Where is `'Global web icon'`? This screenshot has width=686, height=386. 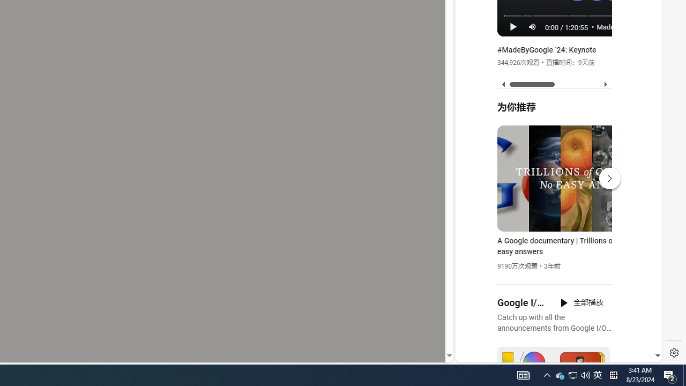 'Global web icon' is located at coordinates (475, 231).